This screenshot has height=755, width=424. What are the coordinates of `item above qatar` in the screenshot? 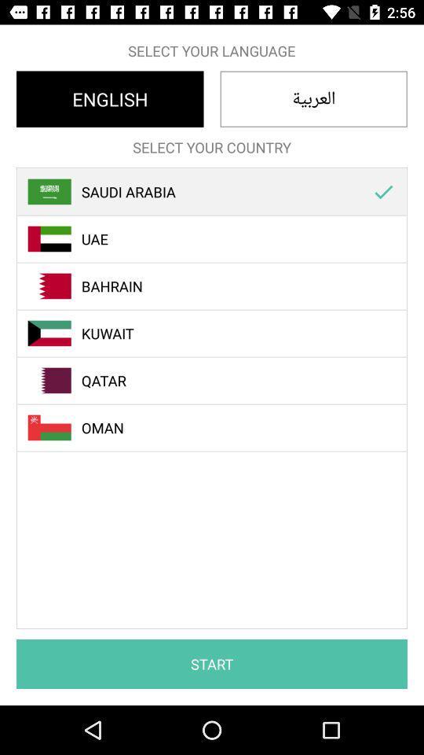 It's located at (220, 333).